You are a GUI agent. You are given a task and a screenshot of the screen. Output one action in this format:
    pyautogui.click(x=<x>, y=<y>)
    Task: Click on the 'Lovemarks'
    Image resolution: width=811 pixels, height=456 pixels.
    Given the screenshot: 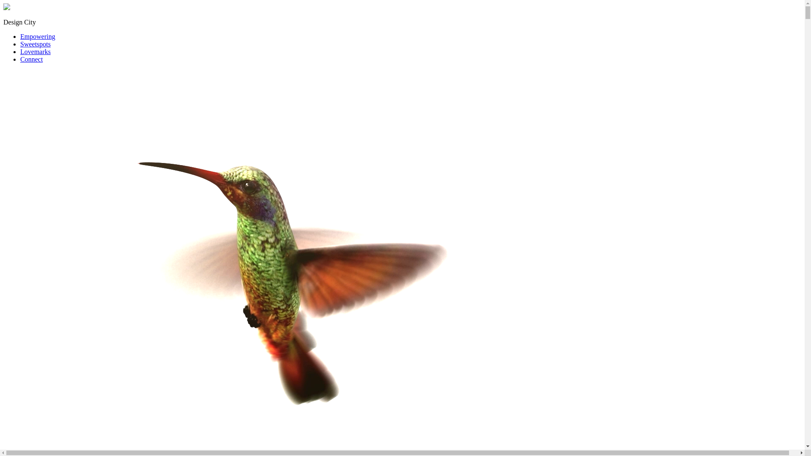 What is the action you would take?
    pyautogui.click(x=35, y=52)
    